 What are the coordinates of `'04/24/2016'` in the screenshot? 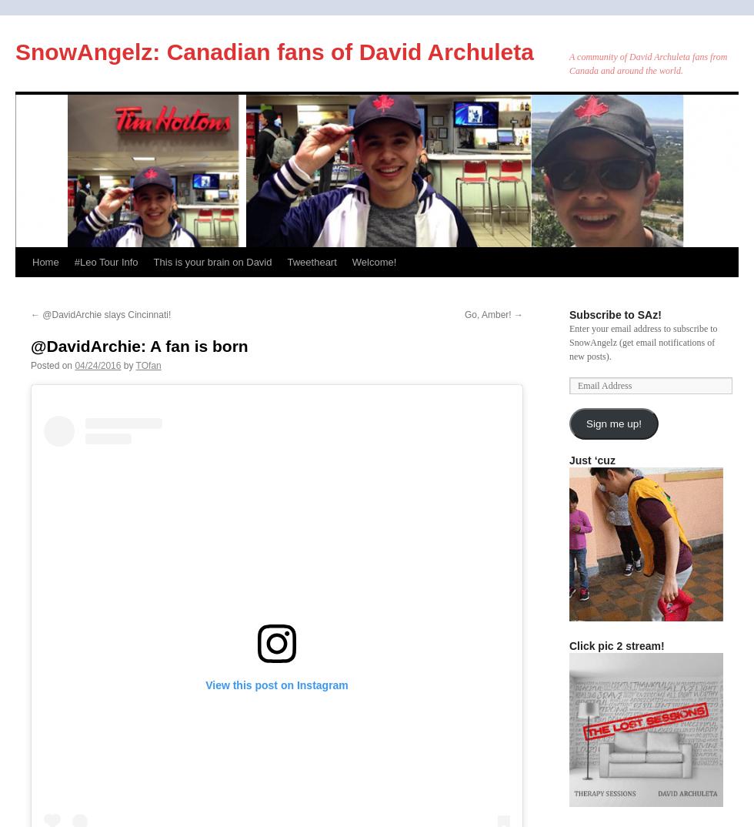 It's located at (98, 365).